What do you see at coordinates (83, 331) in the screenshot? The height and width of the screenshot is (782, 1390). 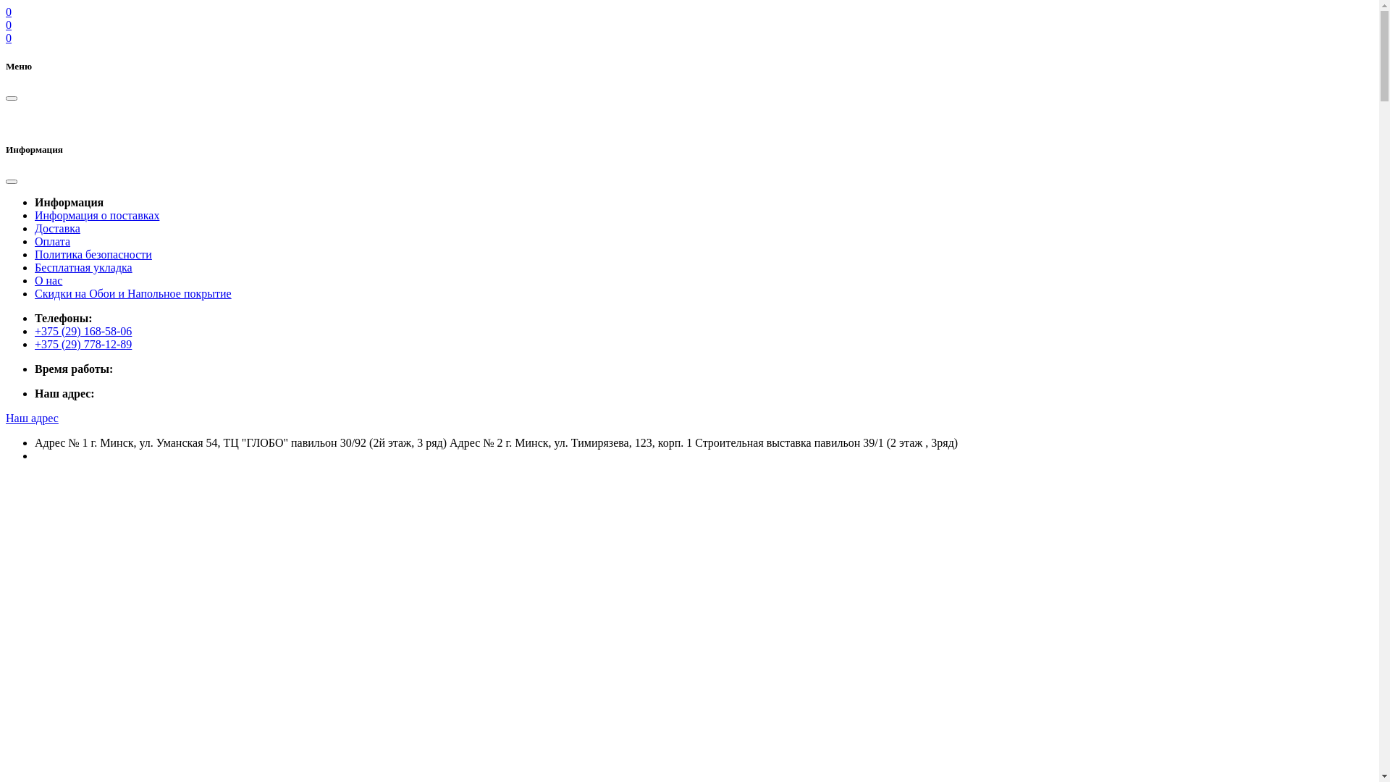 I see `'+375 (29) 168-58-06'` at bounding box center [83, 331].